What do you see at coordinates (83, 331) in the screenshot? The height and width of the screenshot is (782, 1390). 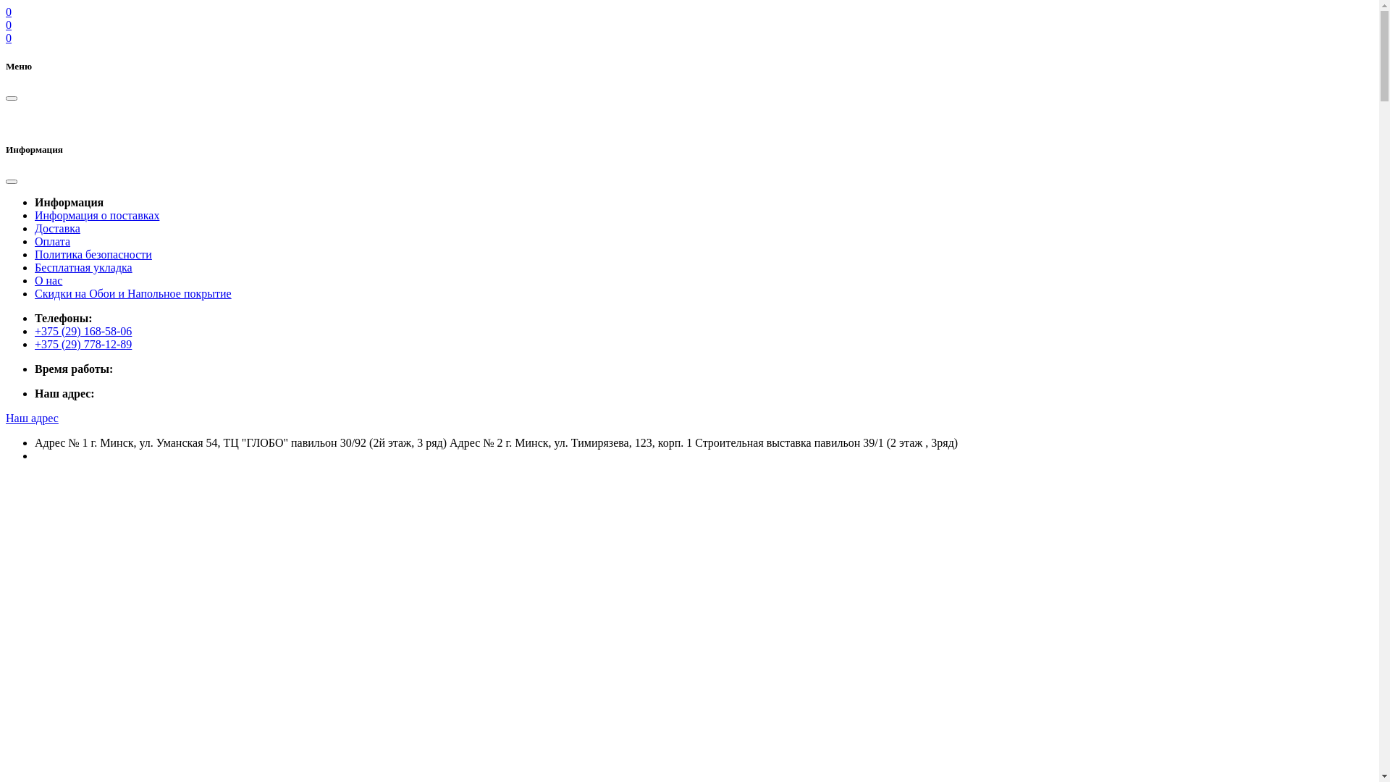 I see `'+375 (29) 168-58-06'` at bounding box center [83, 331].